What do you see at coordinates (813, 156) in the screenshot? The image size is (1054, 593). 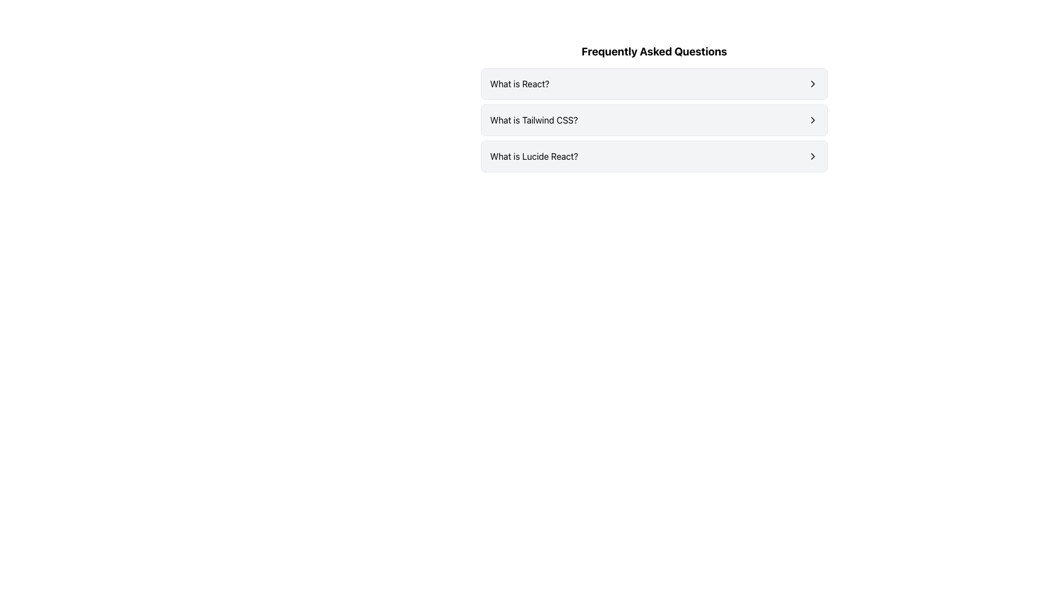 I see `the chevron icon at the far right end of the 'What is Lucide React?' FAQ list item` at bounding box center [813, 156].